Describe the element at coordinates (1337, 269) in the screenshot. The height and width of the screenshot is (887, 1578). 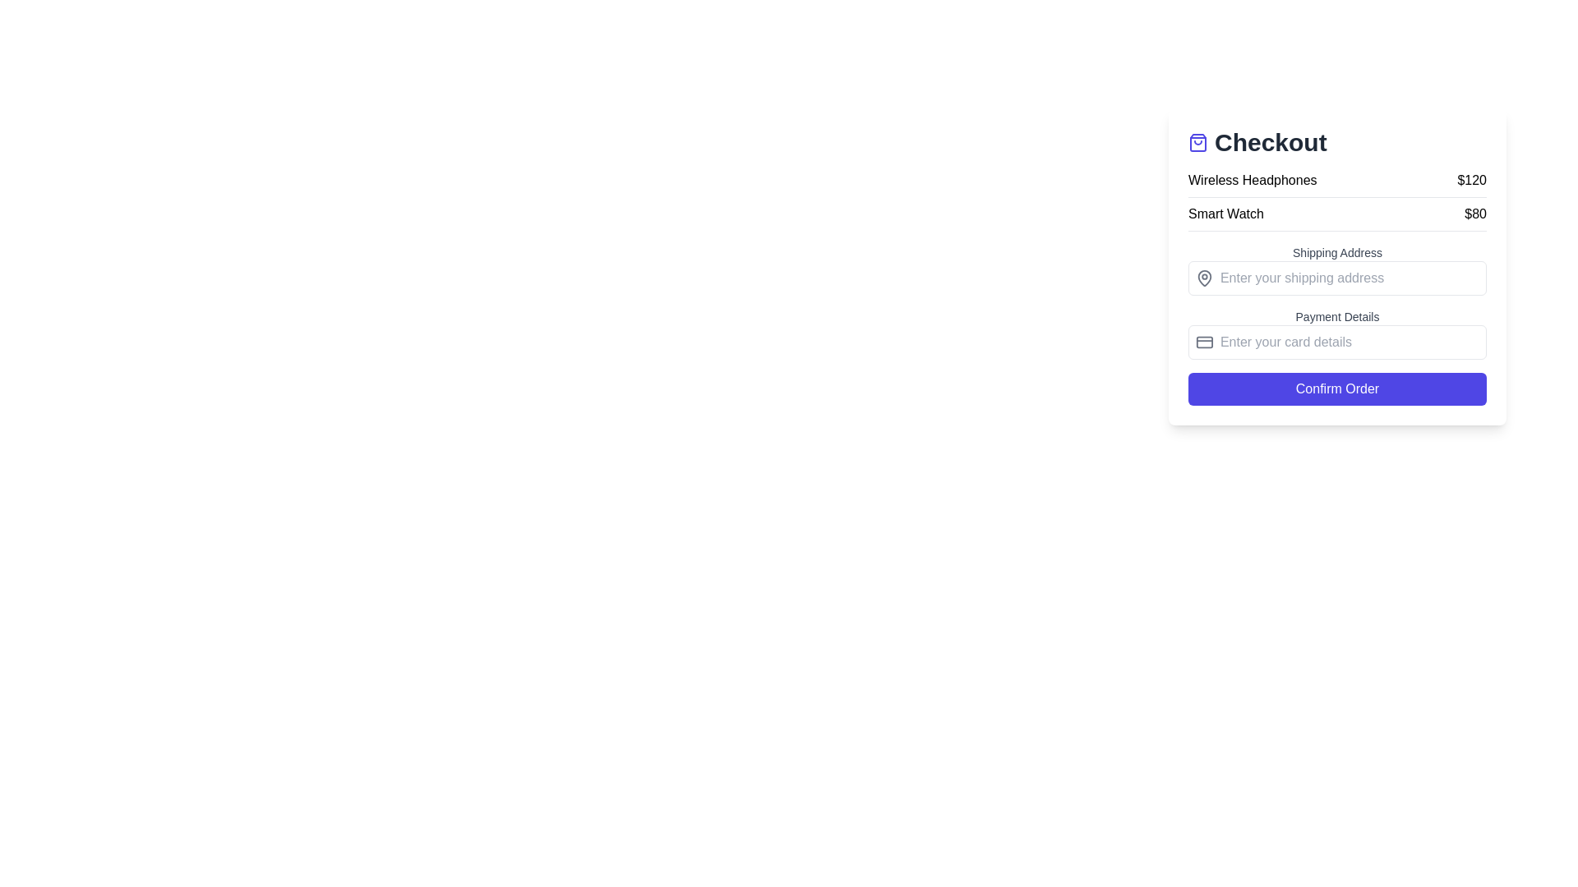
I see `the text box of the 'Shipping Address' labeled input field to select all text` at that location.